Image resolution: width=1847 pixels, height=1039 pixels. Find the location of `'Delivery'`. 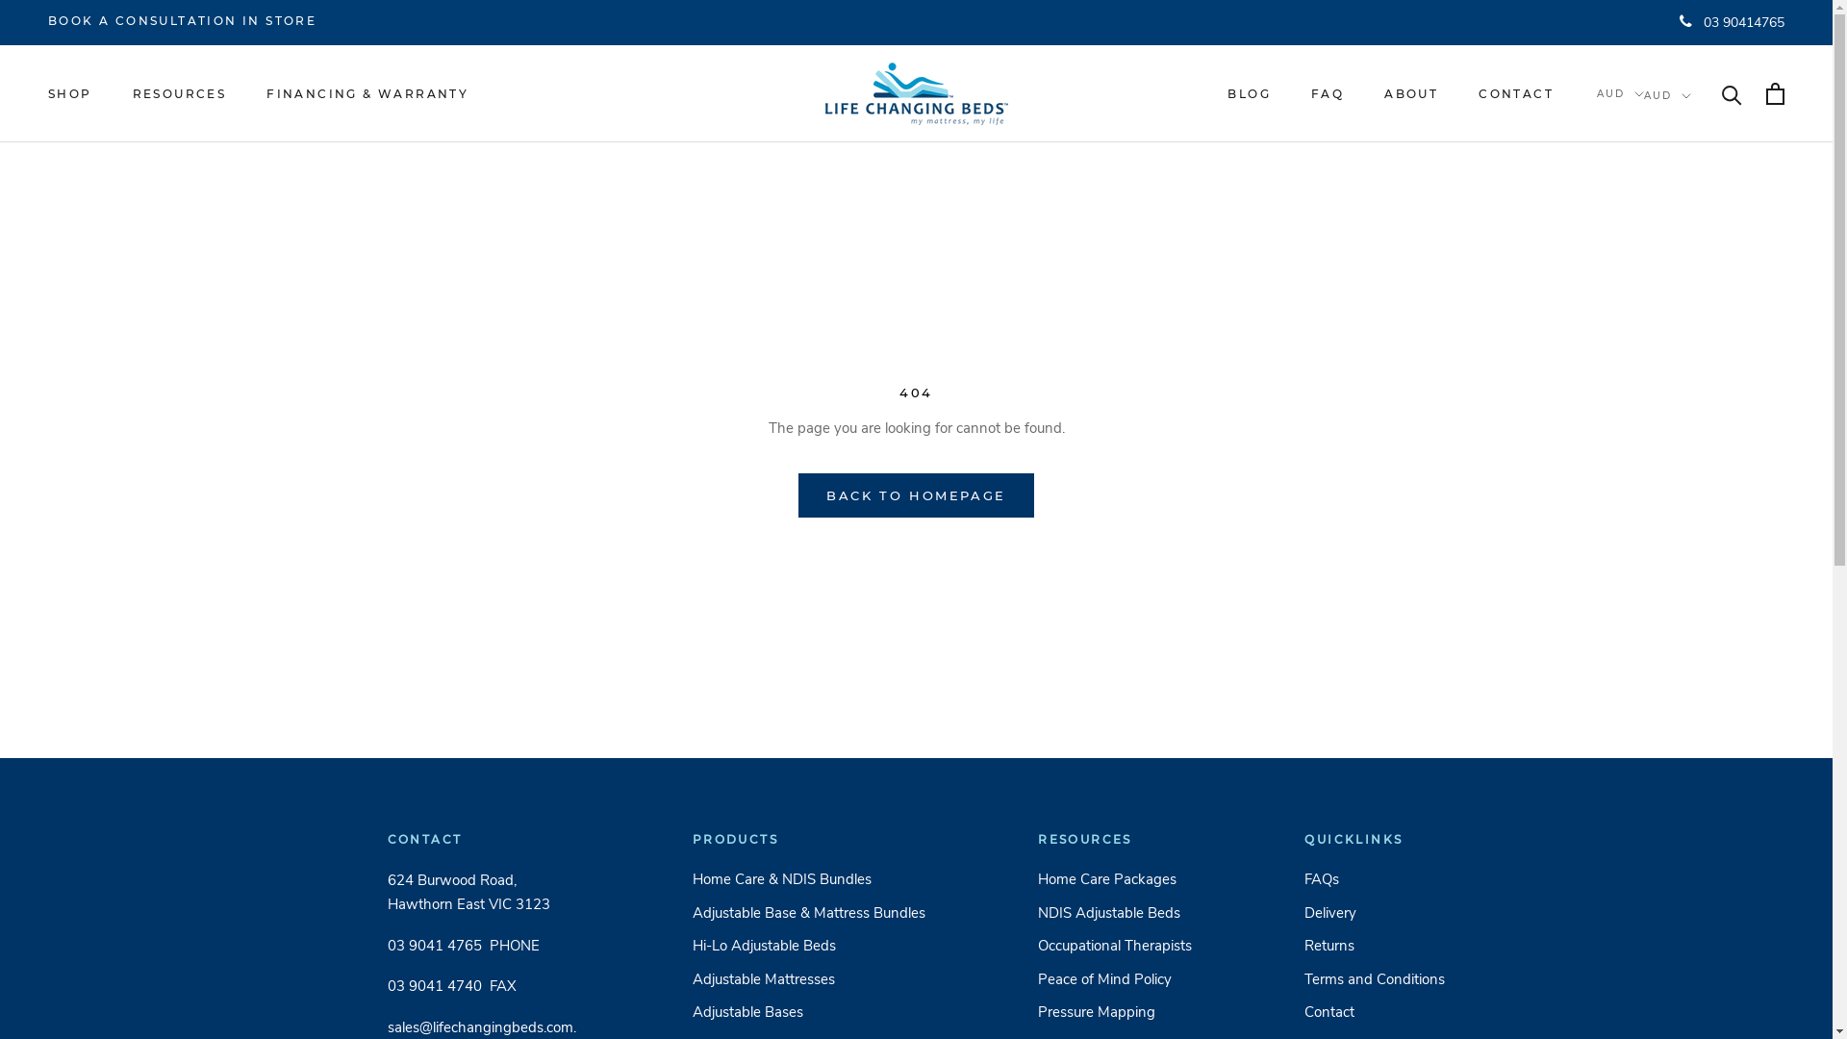

'Delivery' is located at coordinates (1374, 912).